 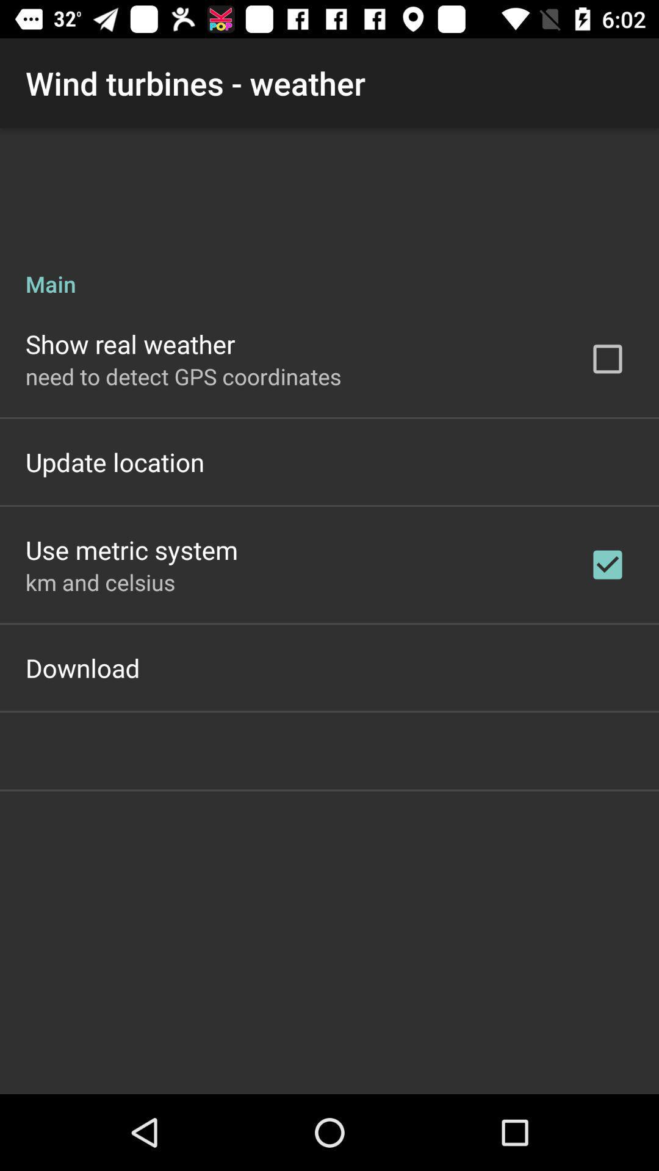 What do you see at coordinates (82, 667) in the screenshot?
I see `the download app` at bounding box center [82, 667].